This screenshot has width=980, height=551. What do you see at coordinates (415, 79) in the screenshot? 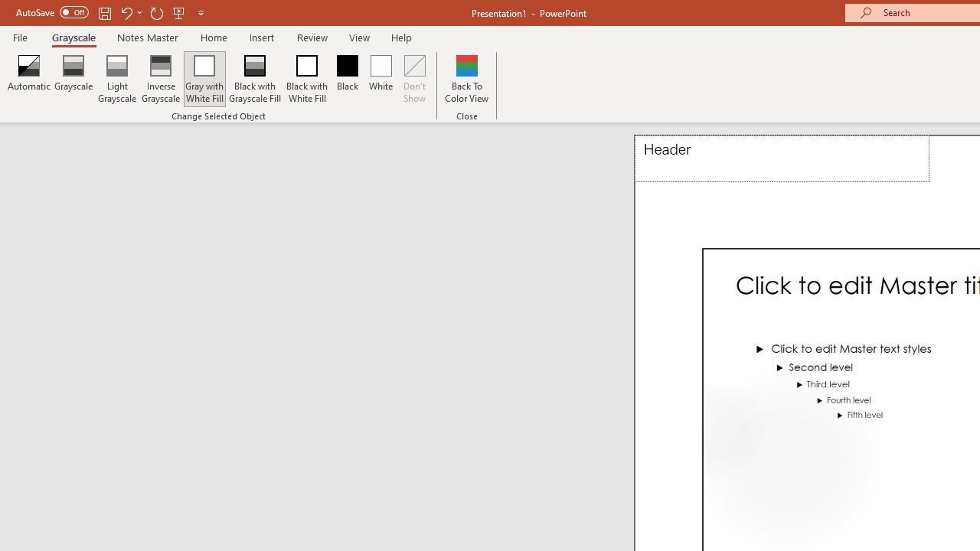
I see `'Don'` at bounding box center [415, 79].